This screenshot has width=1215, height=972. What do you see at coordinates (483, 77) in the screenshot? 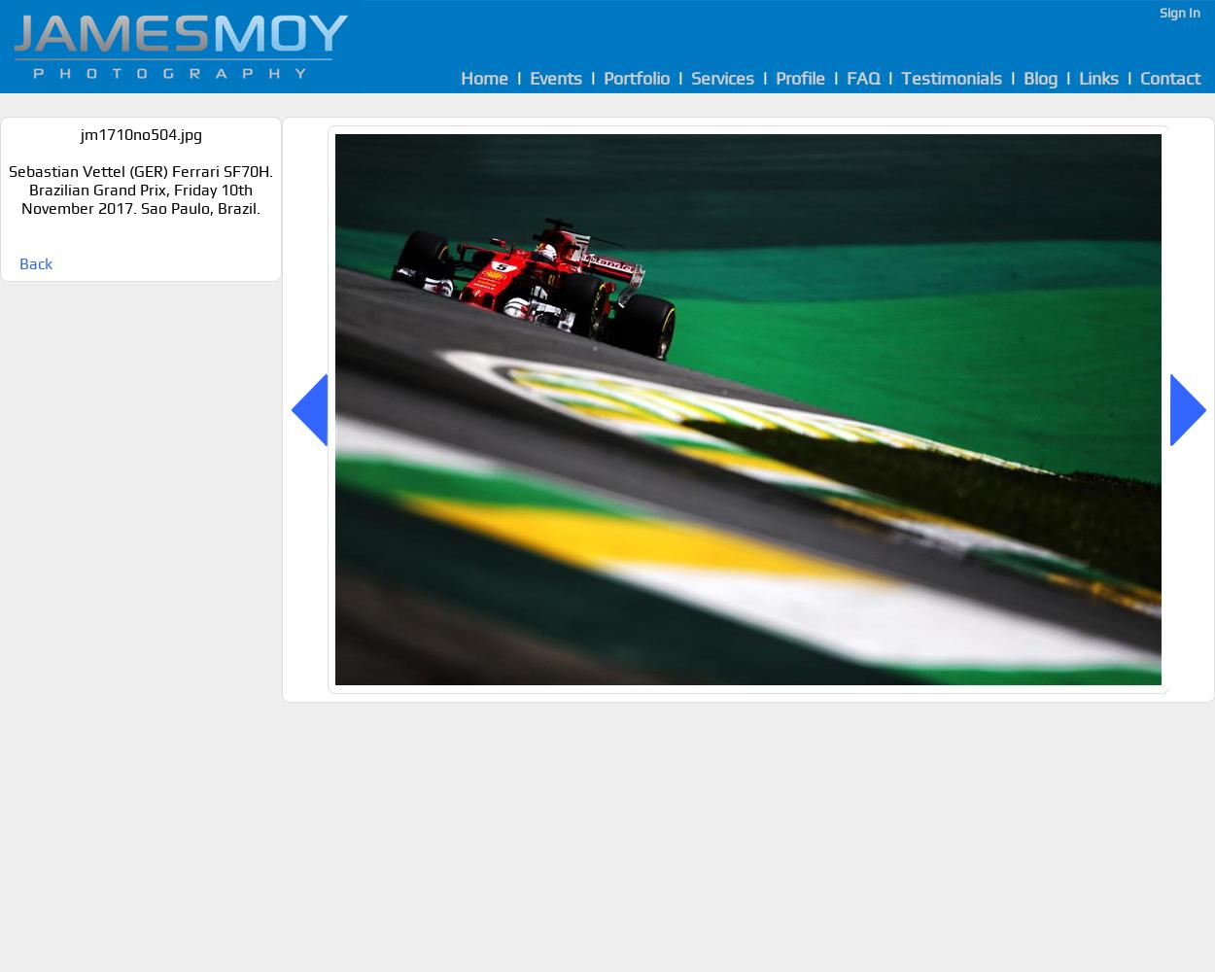
I see `'Home'` at bounding box center [483, 77].